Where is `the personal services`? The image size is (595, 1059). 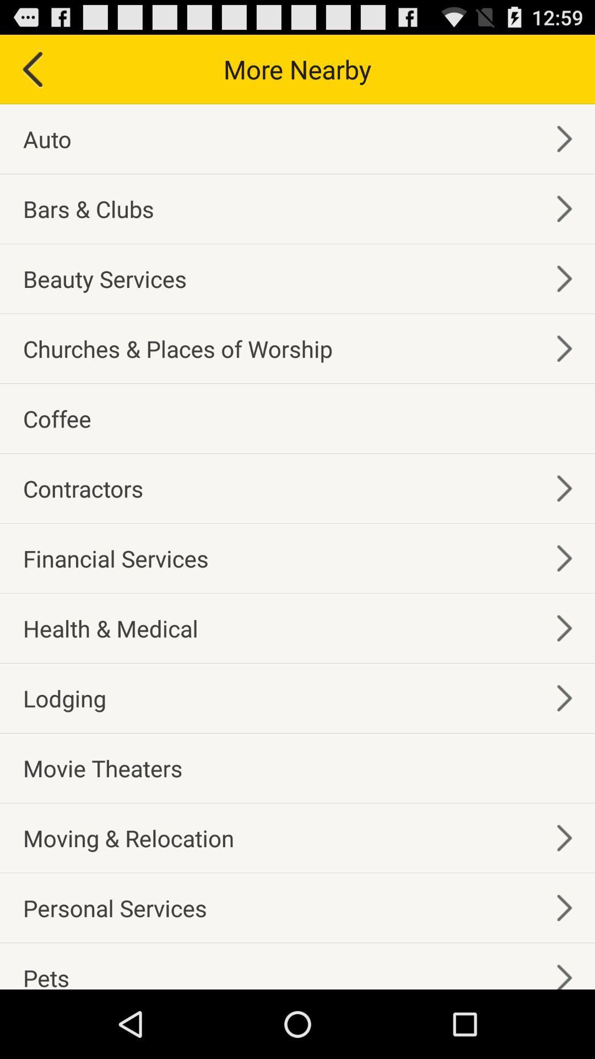 the personal services is located at coordinates (115, 908).